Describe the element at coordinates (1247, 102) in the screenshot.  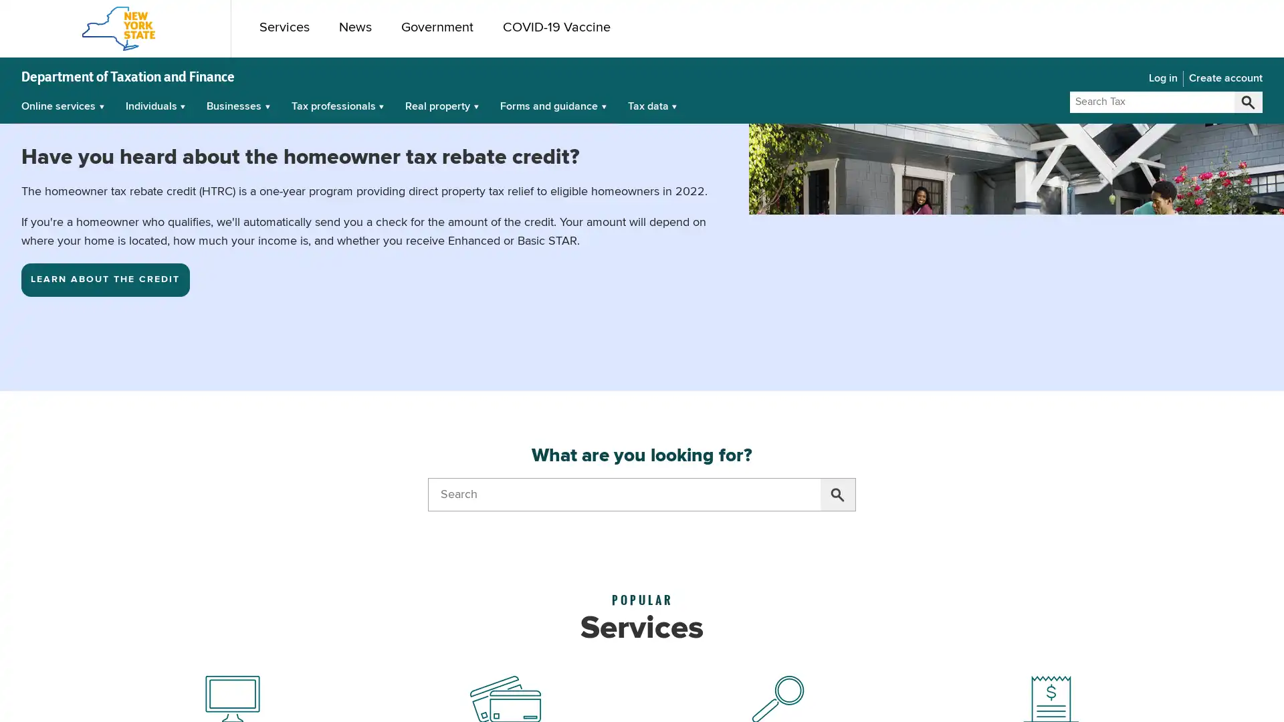
I see `Search Tax` at that location.